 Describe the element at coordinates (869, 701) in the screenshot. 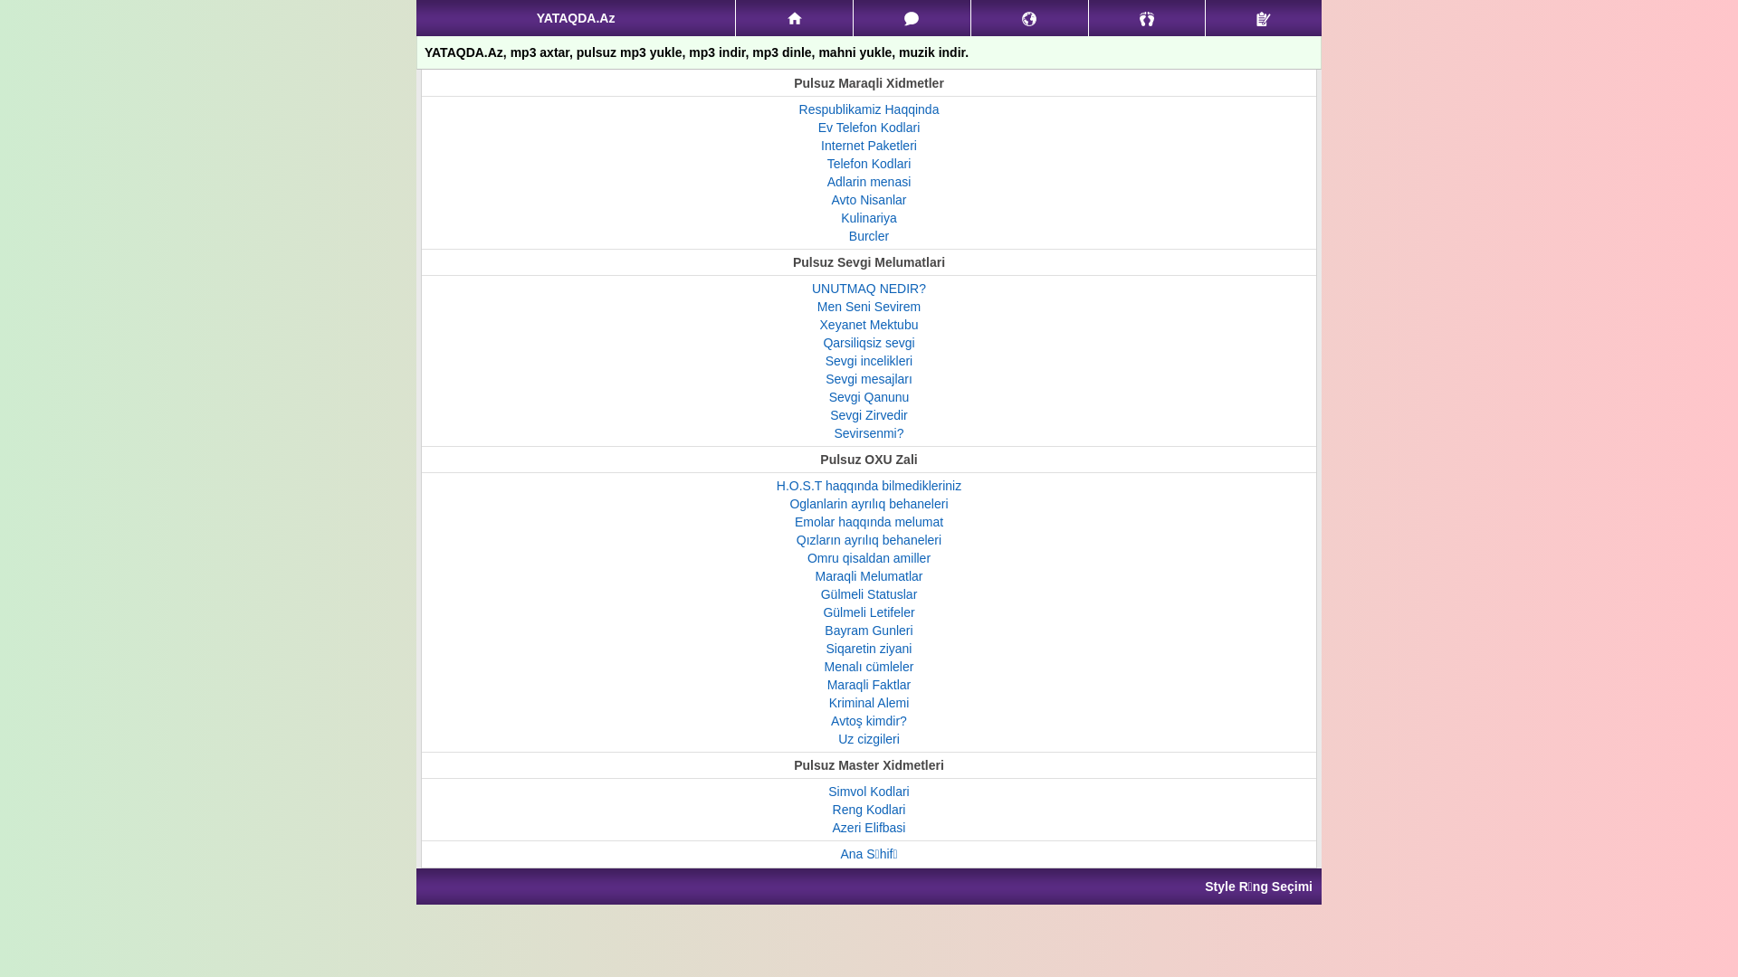

I see `'Kriminal Alemi'` at that location.